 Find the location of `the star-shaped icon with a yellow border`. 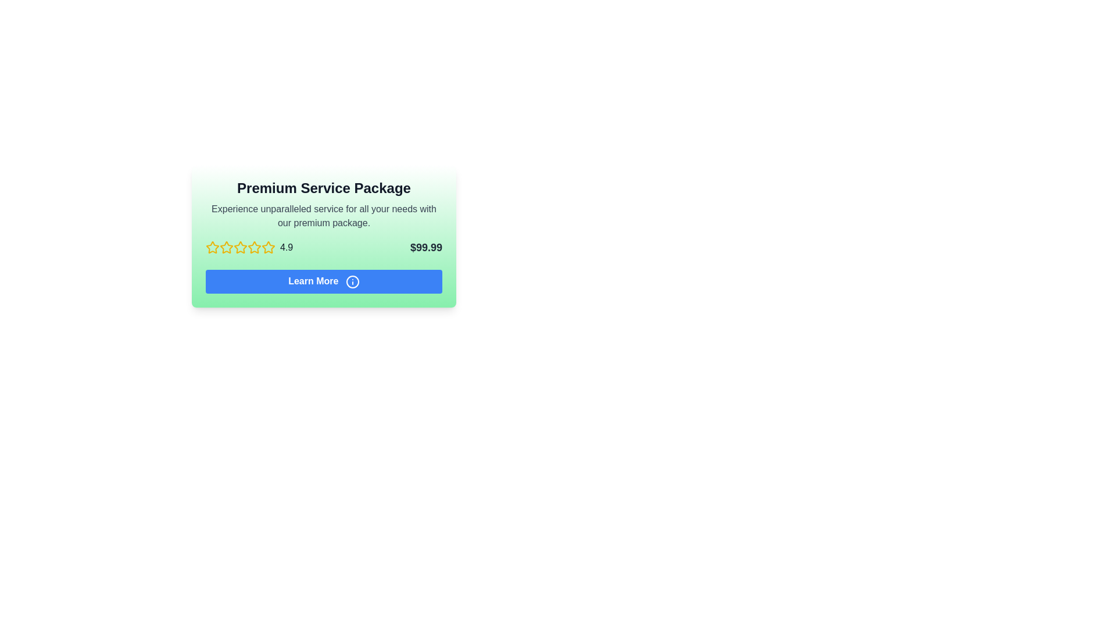

the star-shaped icon with a yellow border is located at coordinates (226, 247).